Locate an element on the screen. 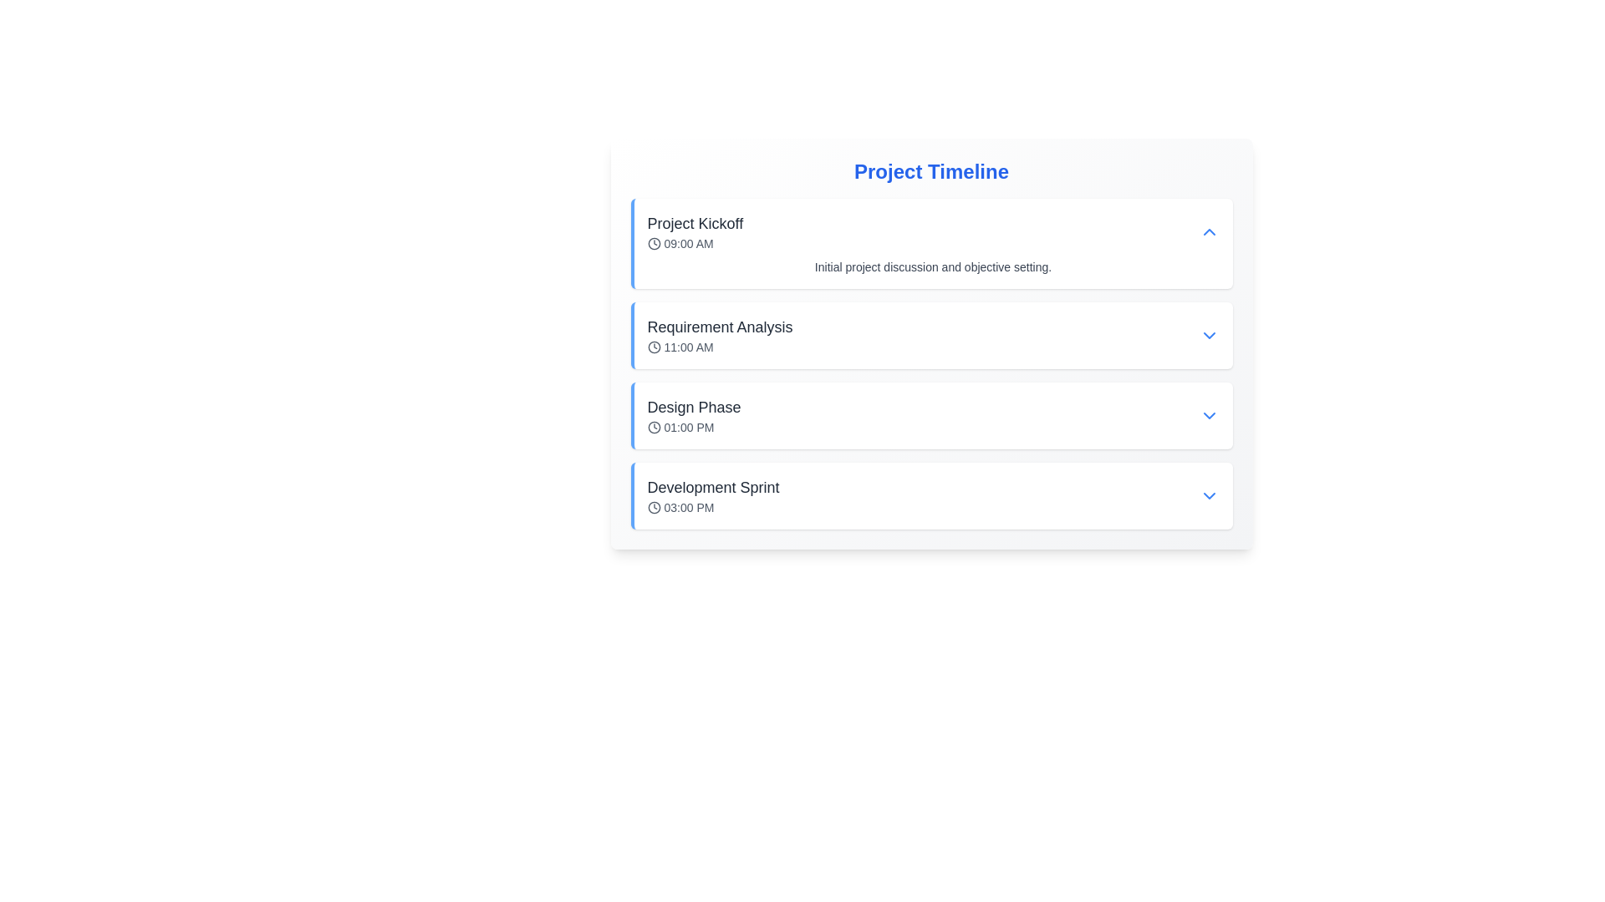 The width and height of the screenshot is (1605, 902). the downward-pointing blue chevron icon button located to the right of the 'Requirement Analysis 11:00 AM' text is located at coordinates (1209, 335).